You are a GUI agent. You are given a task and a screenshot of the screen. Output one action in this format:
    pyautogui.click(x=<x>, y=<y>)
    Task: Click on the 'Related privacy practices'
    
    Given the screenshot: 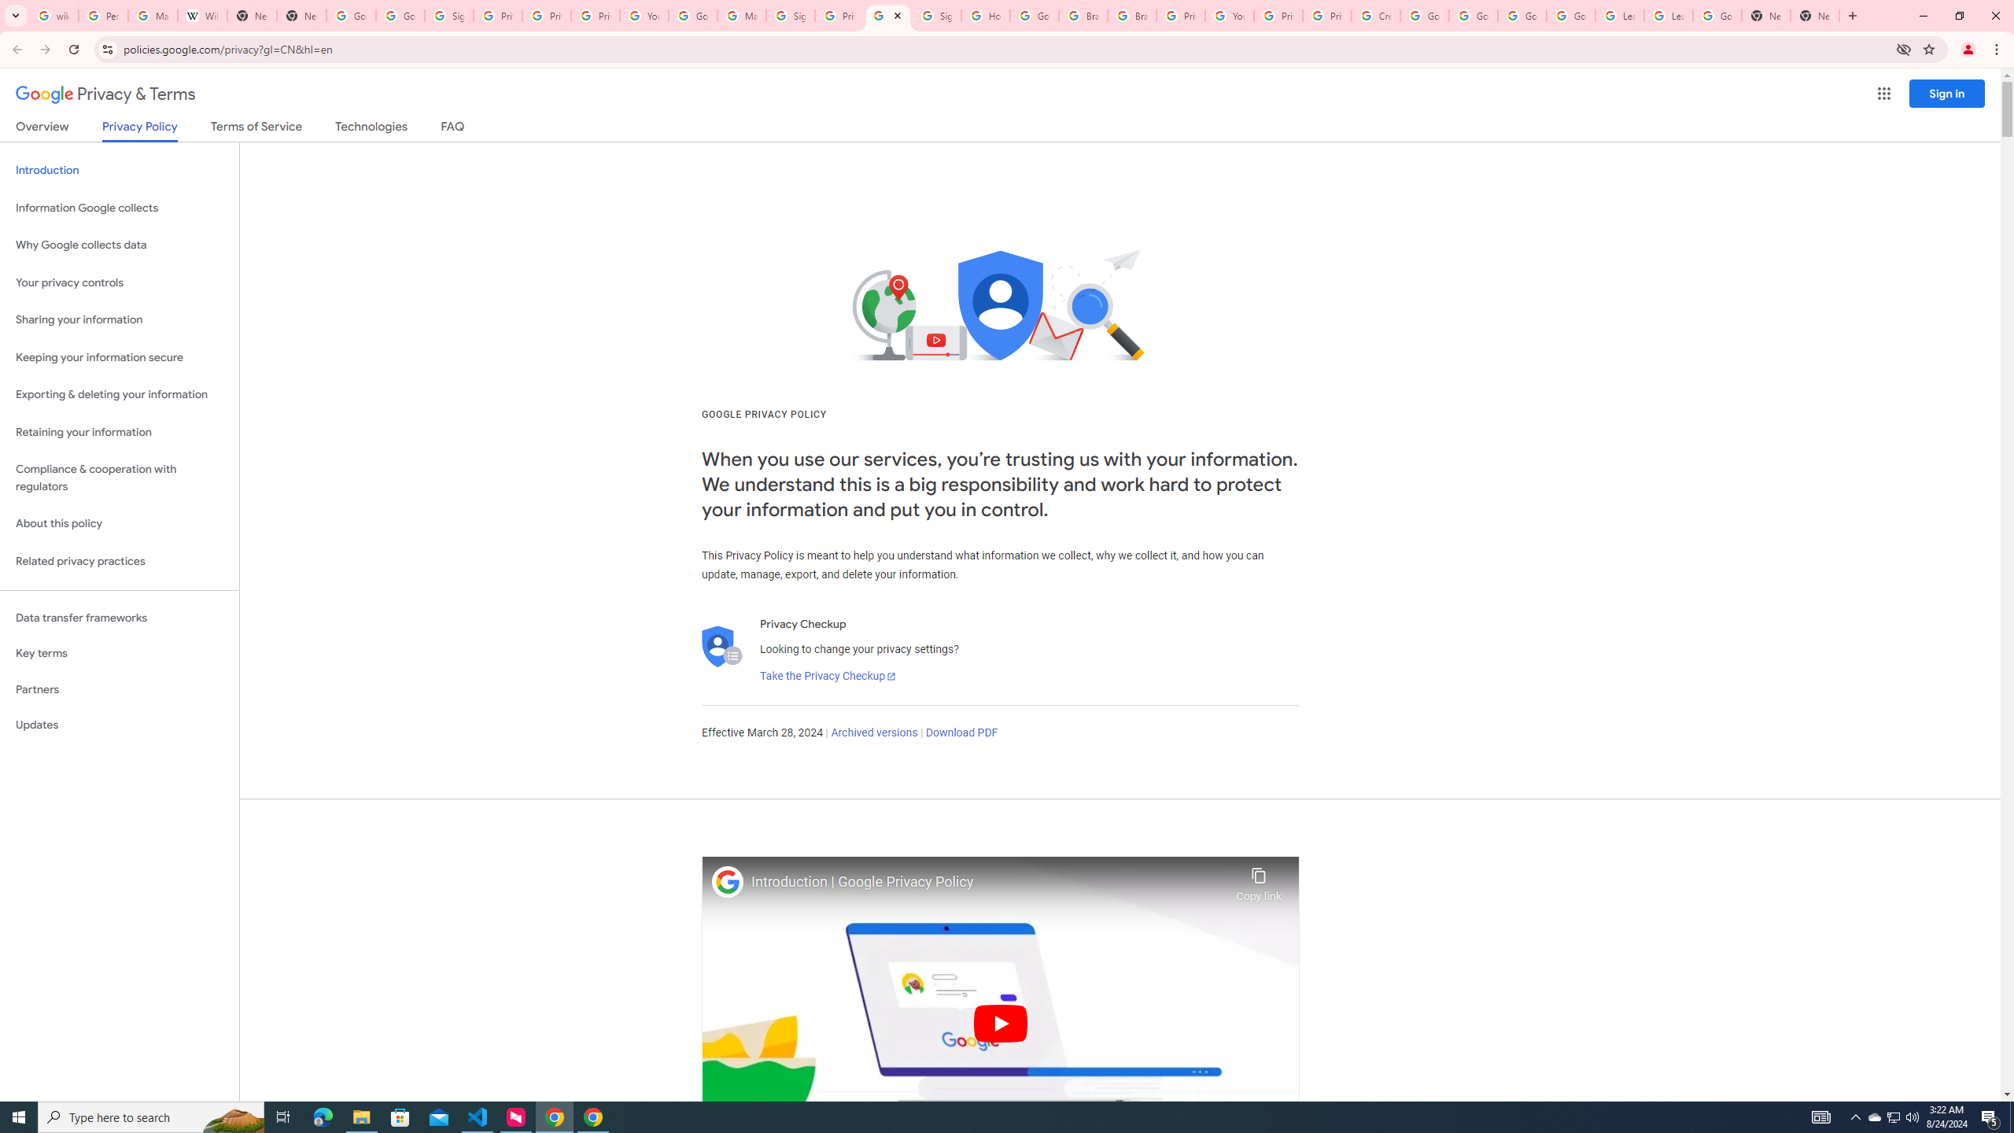 What is the action you would take?
    pyautogui.click(x=119, y=560)
    